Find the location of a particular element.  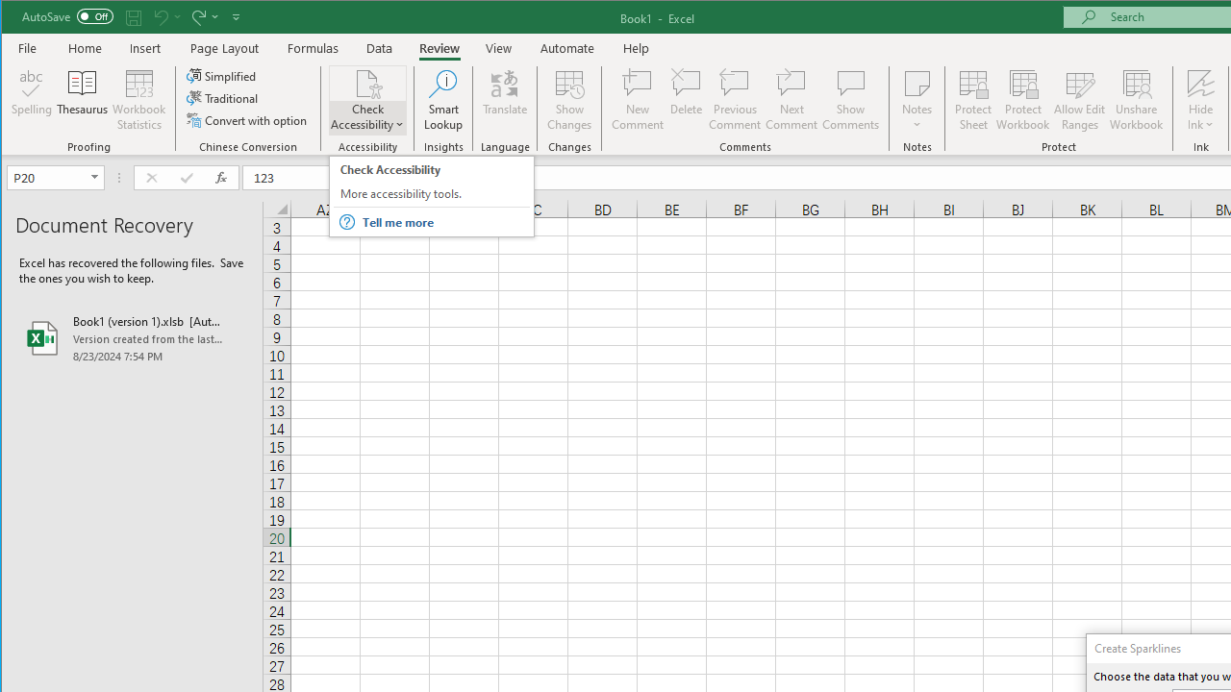

'Unshare Workbook' is located at coordinates (1137, 100).